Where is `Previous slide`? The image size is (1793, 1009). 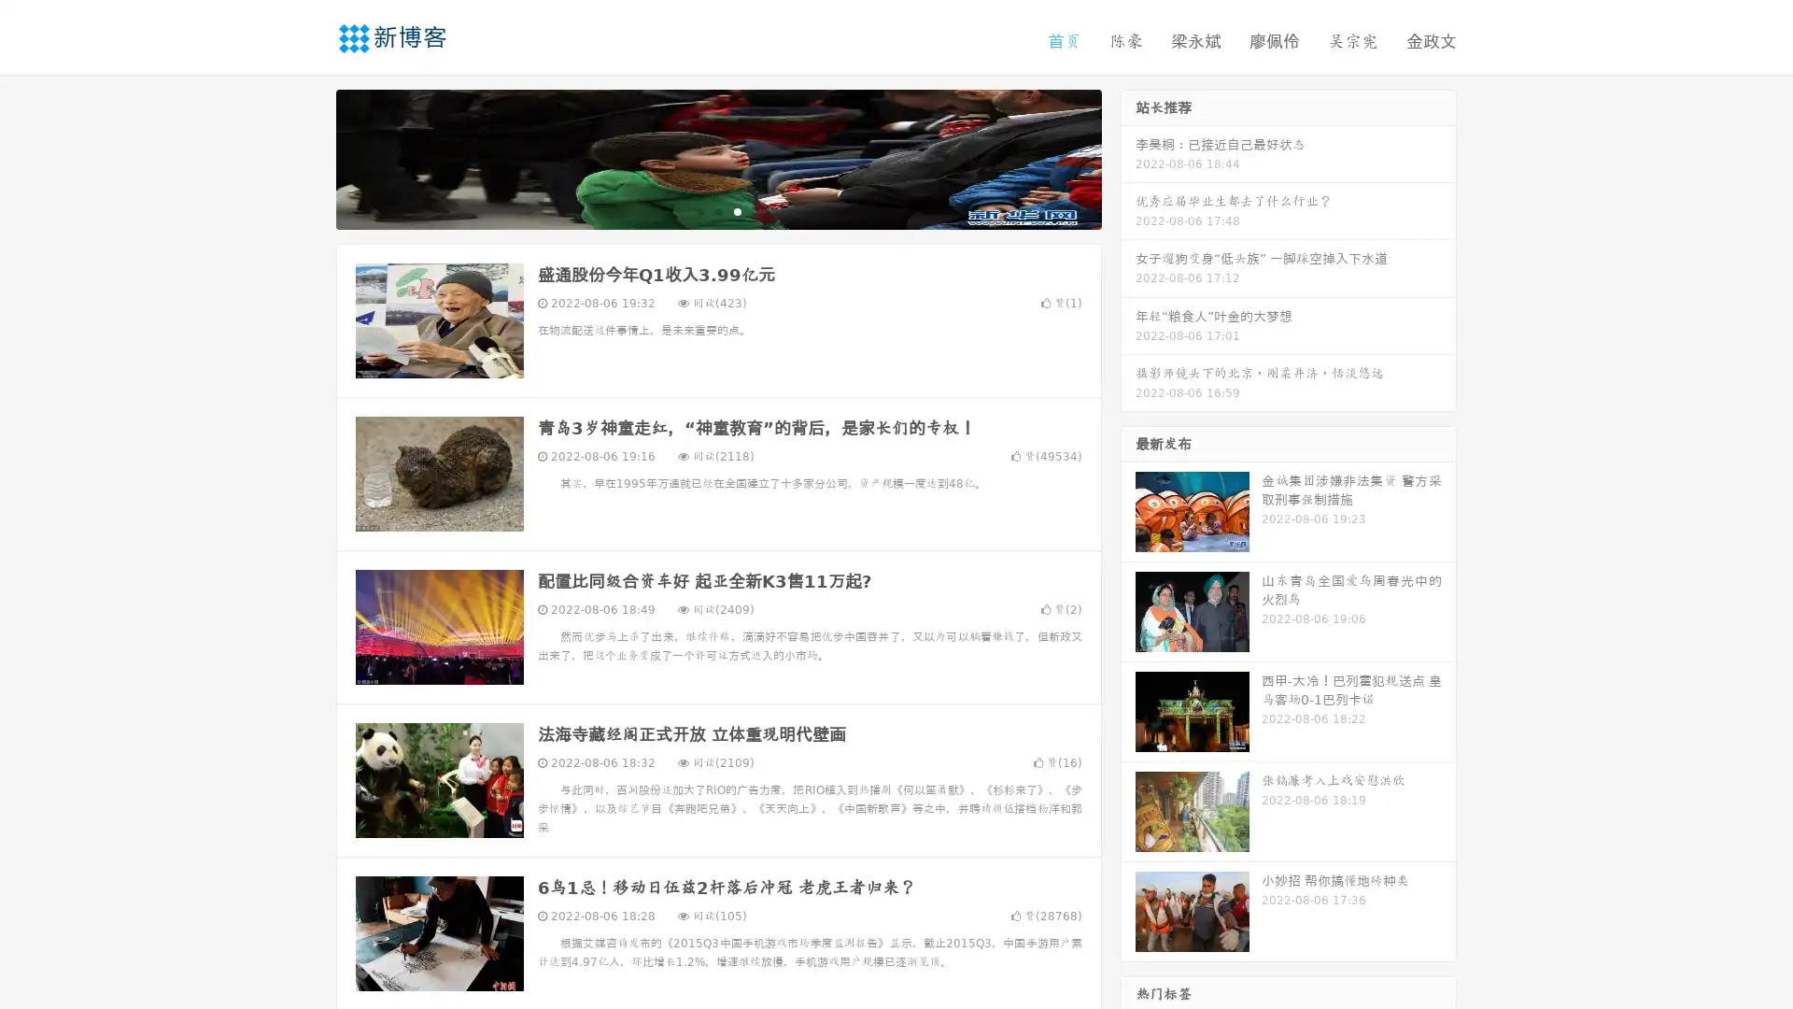 Previous slide is located at coordinates (308, 157).